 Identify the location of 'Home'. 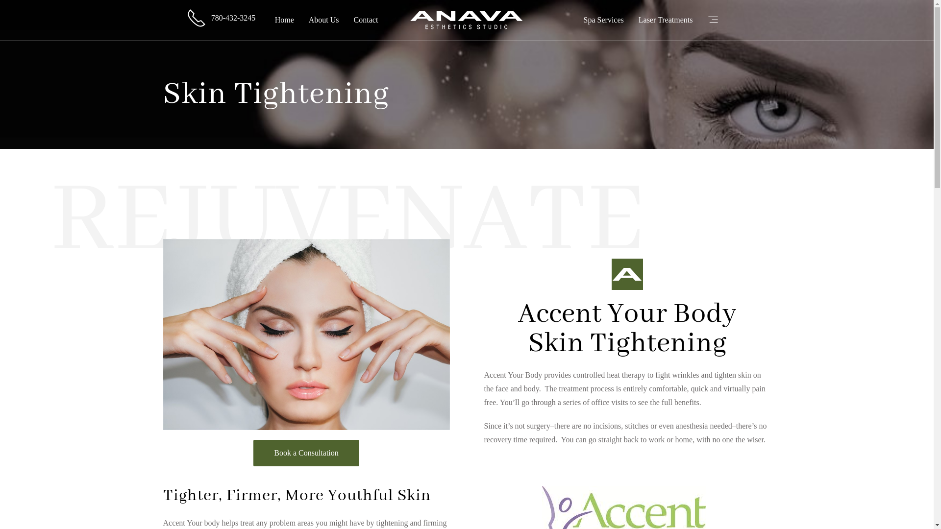
(284, 20).